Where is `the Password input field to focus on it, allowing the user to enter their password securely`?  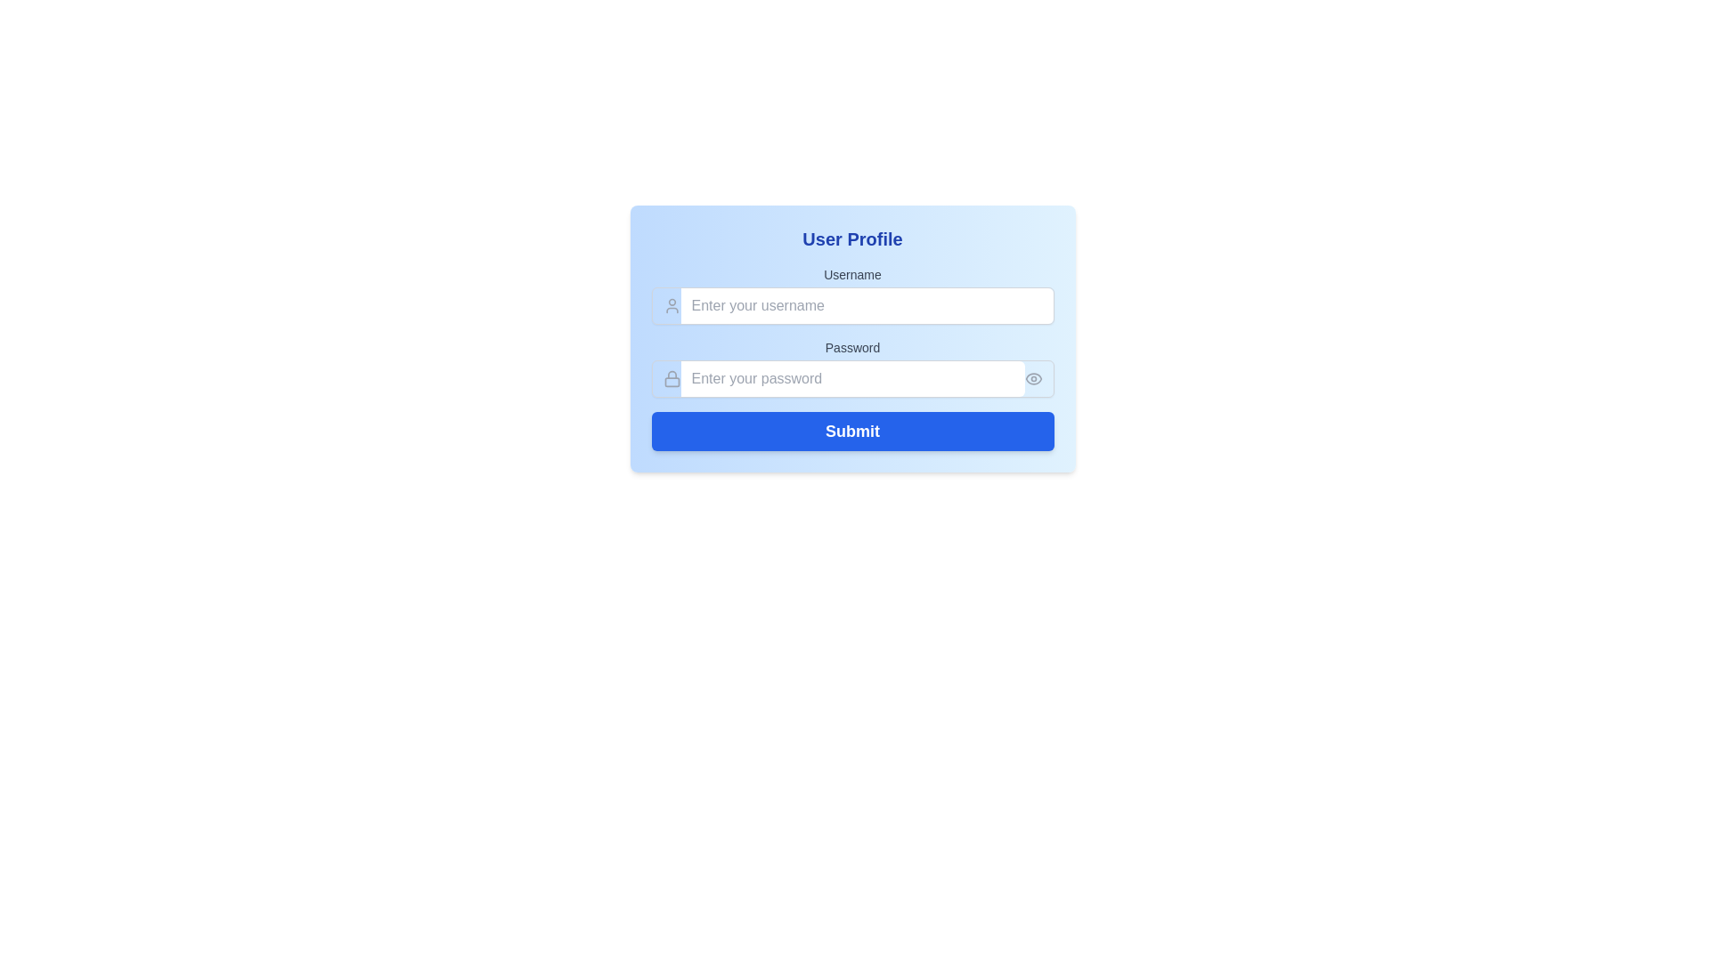 the Password input field to focus on it, allowing the user to enter their password securely is located at coordinates (851, 367).